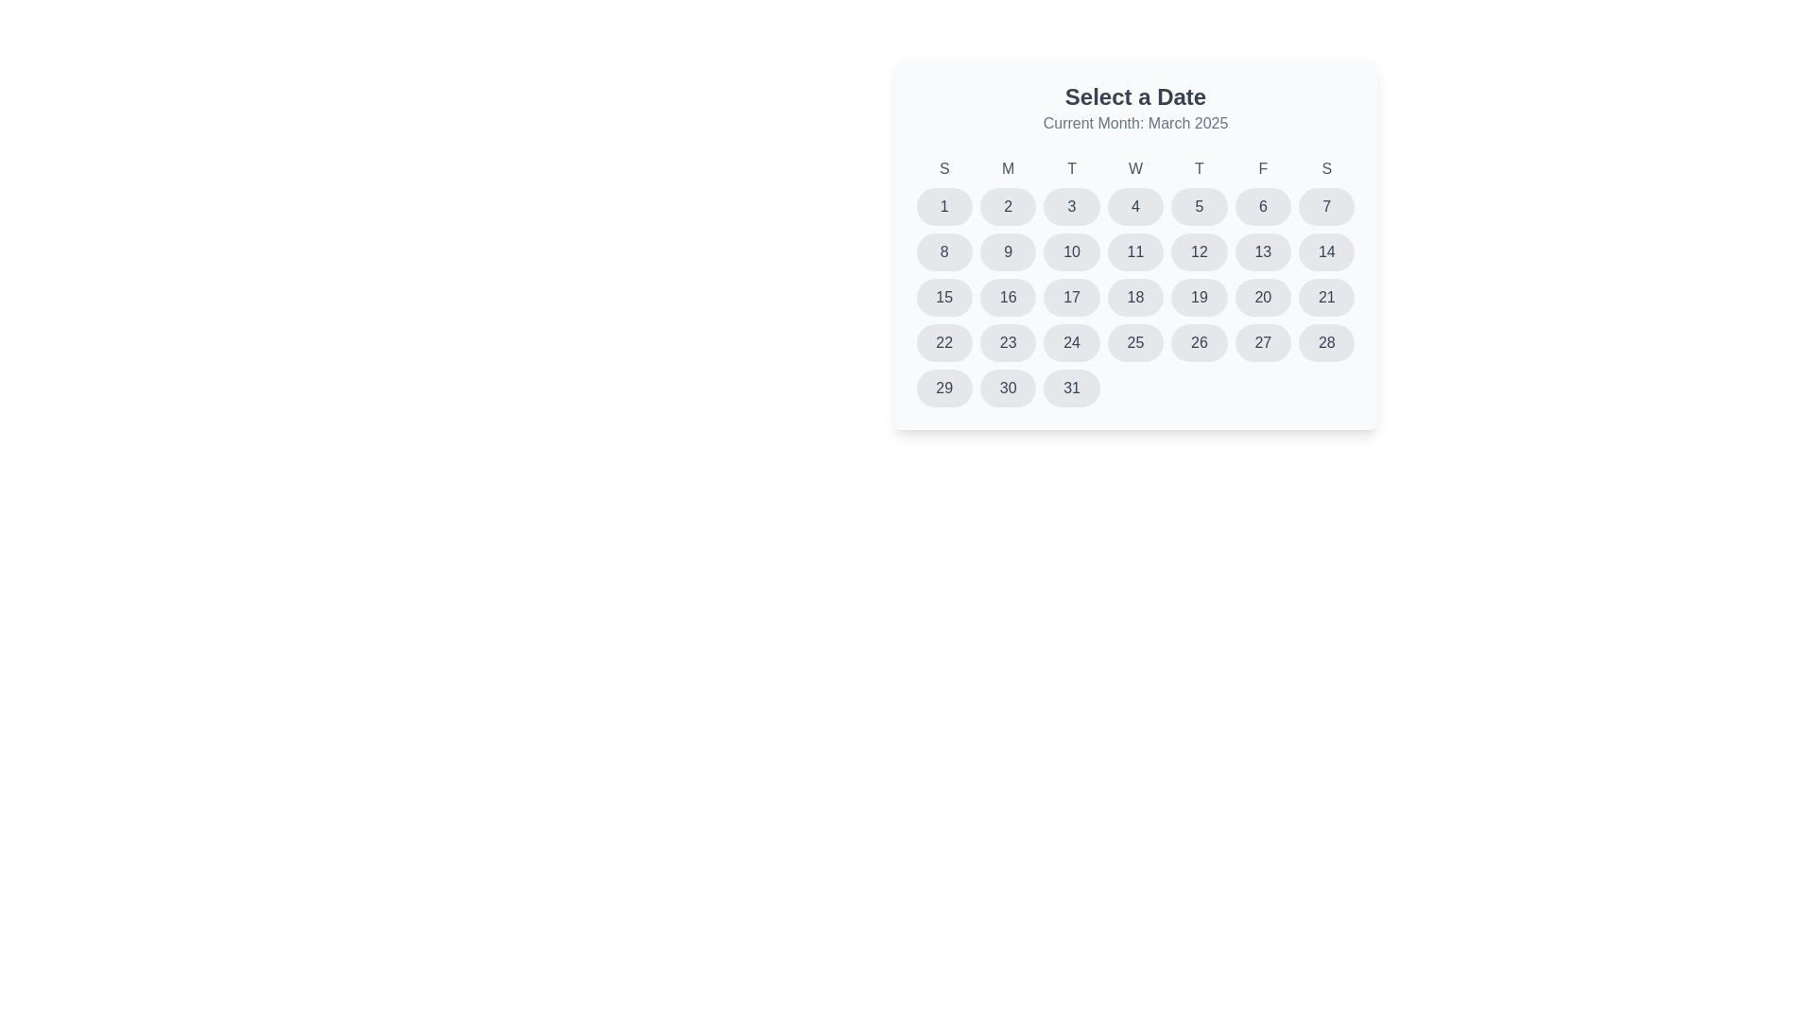 The image size is (1815, 1021). I want to click on the circular button labeled '16' in the calendar grid, so click(1007, 298).